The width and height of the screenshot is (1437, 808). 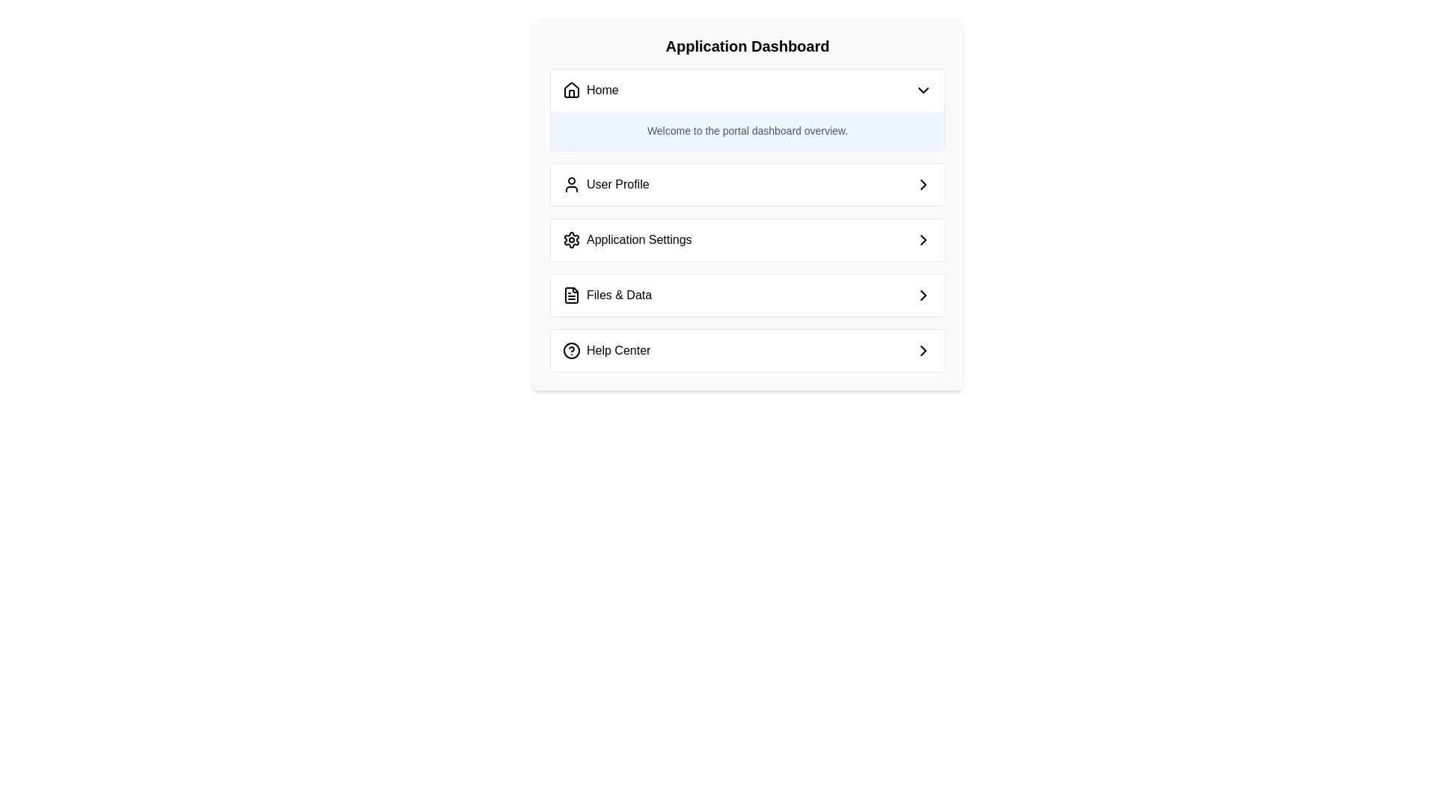 I want to click on the Chevron icon located in the 'Application Settings' section, which indicates navigable options related to 'Application Settings', so click(x=922, y=239).